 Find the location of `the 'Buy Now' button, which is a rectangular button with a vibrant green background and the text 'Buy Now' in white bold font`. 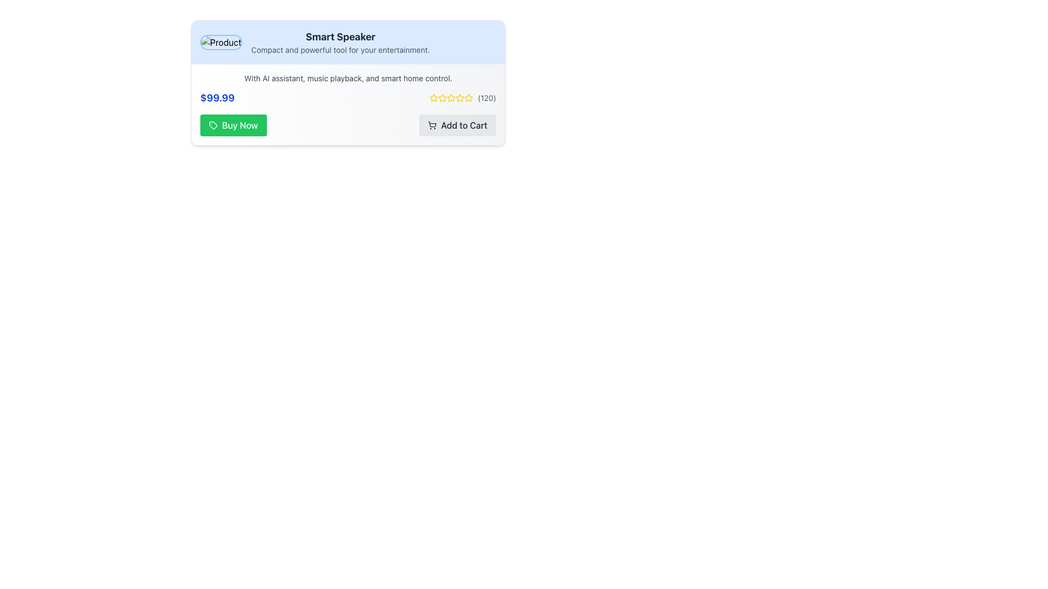

the 'Buy Now' button, which is a rectangular button with a vibrant green background and the text 'Buy Now' in white bold font is located at coordinates (233, 125).